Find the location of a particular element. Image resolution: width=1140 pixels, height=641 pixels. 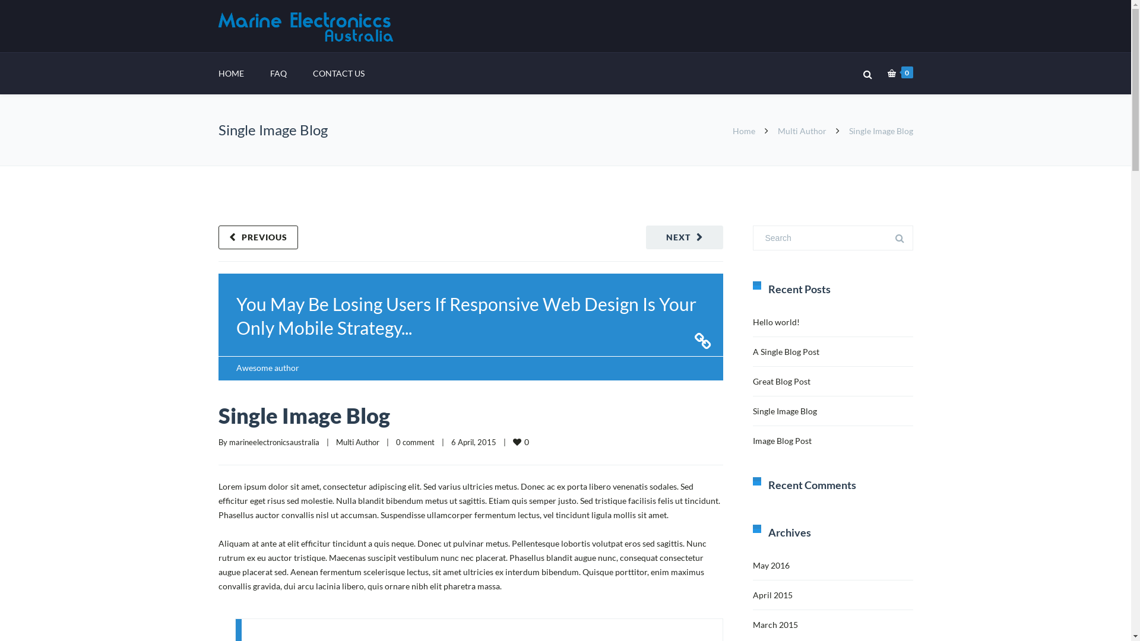

'HOME' is located at coordinates (218, 73).